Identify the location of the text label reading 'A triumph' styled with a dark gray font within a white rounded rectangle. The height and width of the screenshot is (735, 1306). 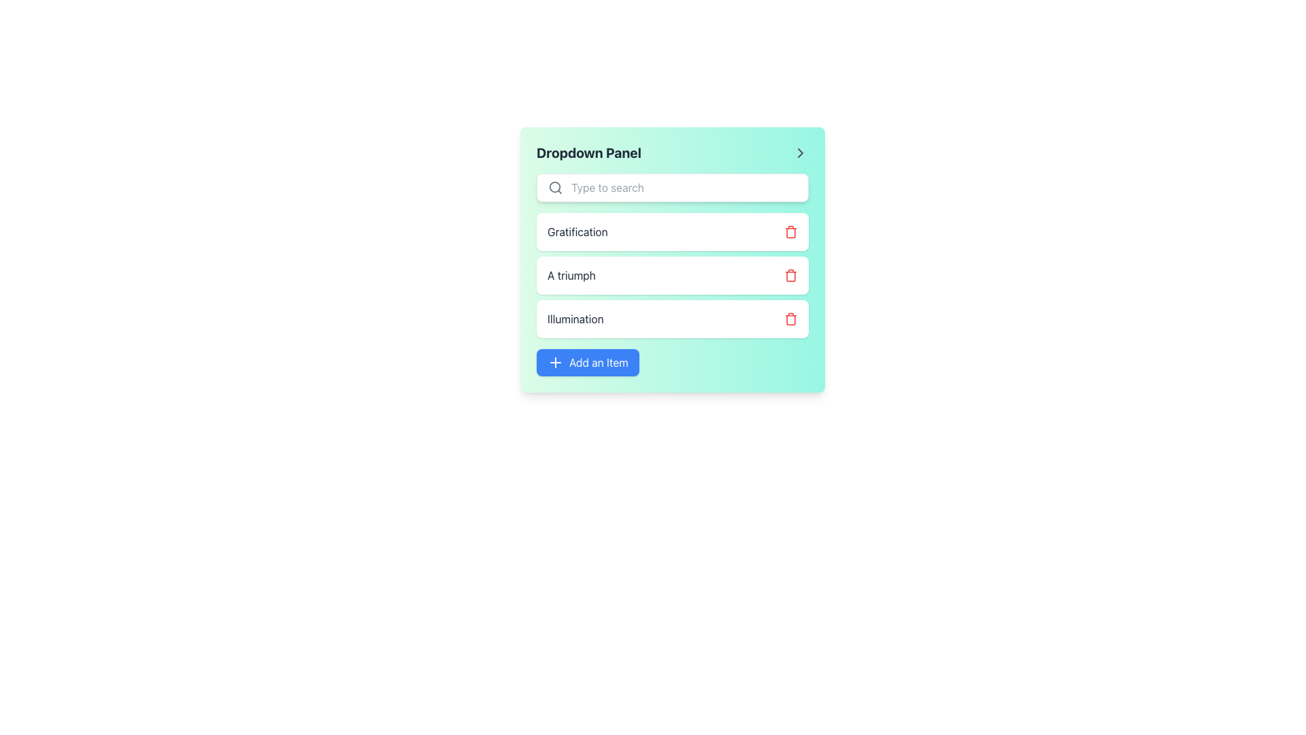
(571, 276).